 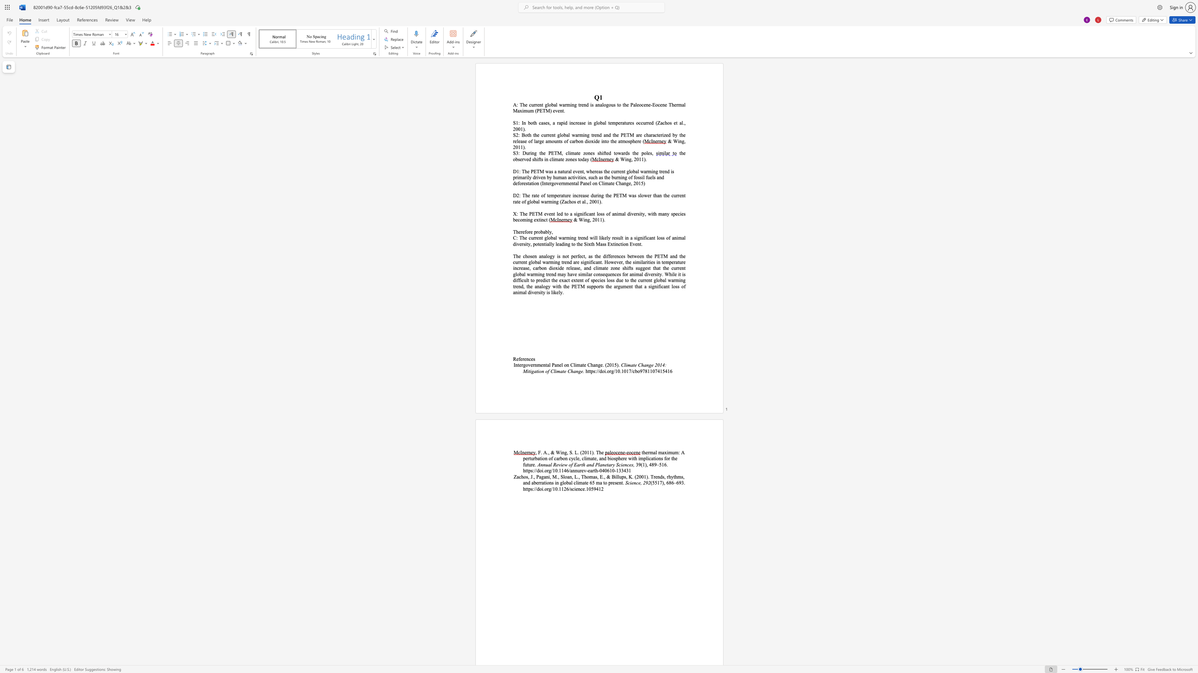 What do you see at coordinates (561, 244) in the screenshot?
I see `the subset text "ding to the Sixth Mass Extinction Eve" within the text "in a significant loss of animal diversity, potentially leading to the Sixth Mass Extinction Event."` at bounding box center [561, 244].